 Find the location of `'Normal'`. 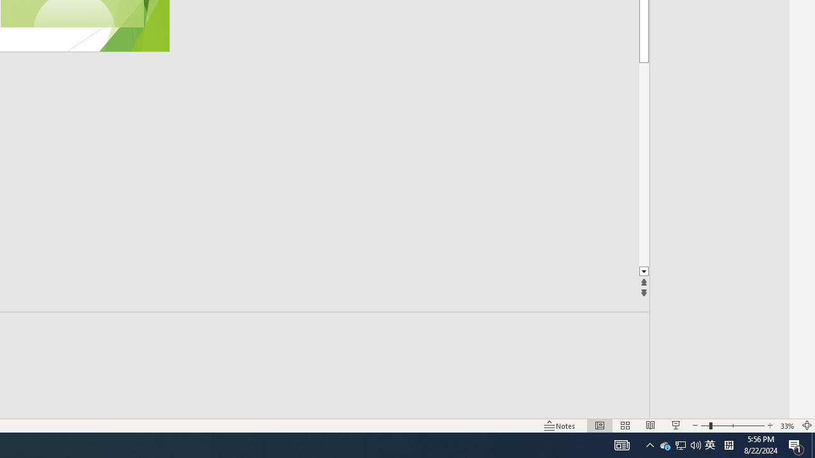

'Normal' is located at coordinates (599, 426).